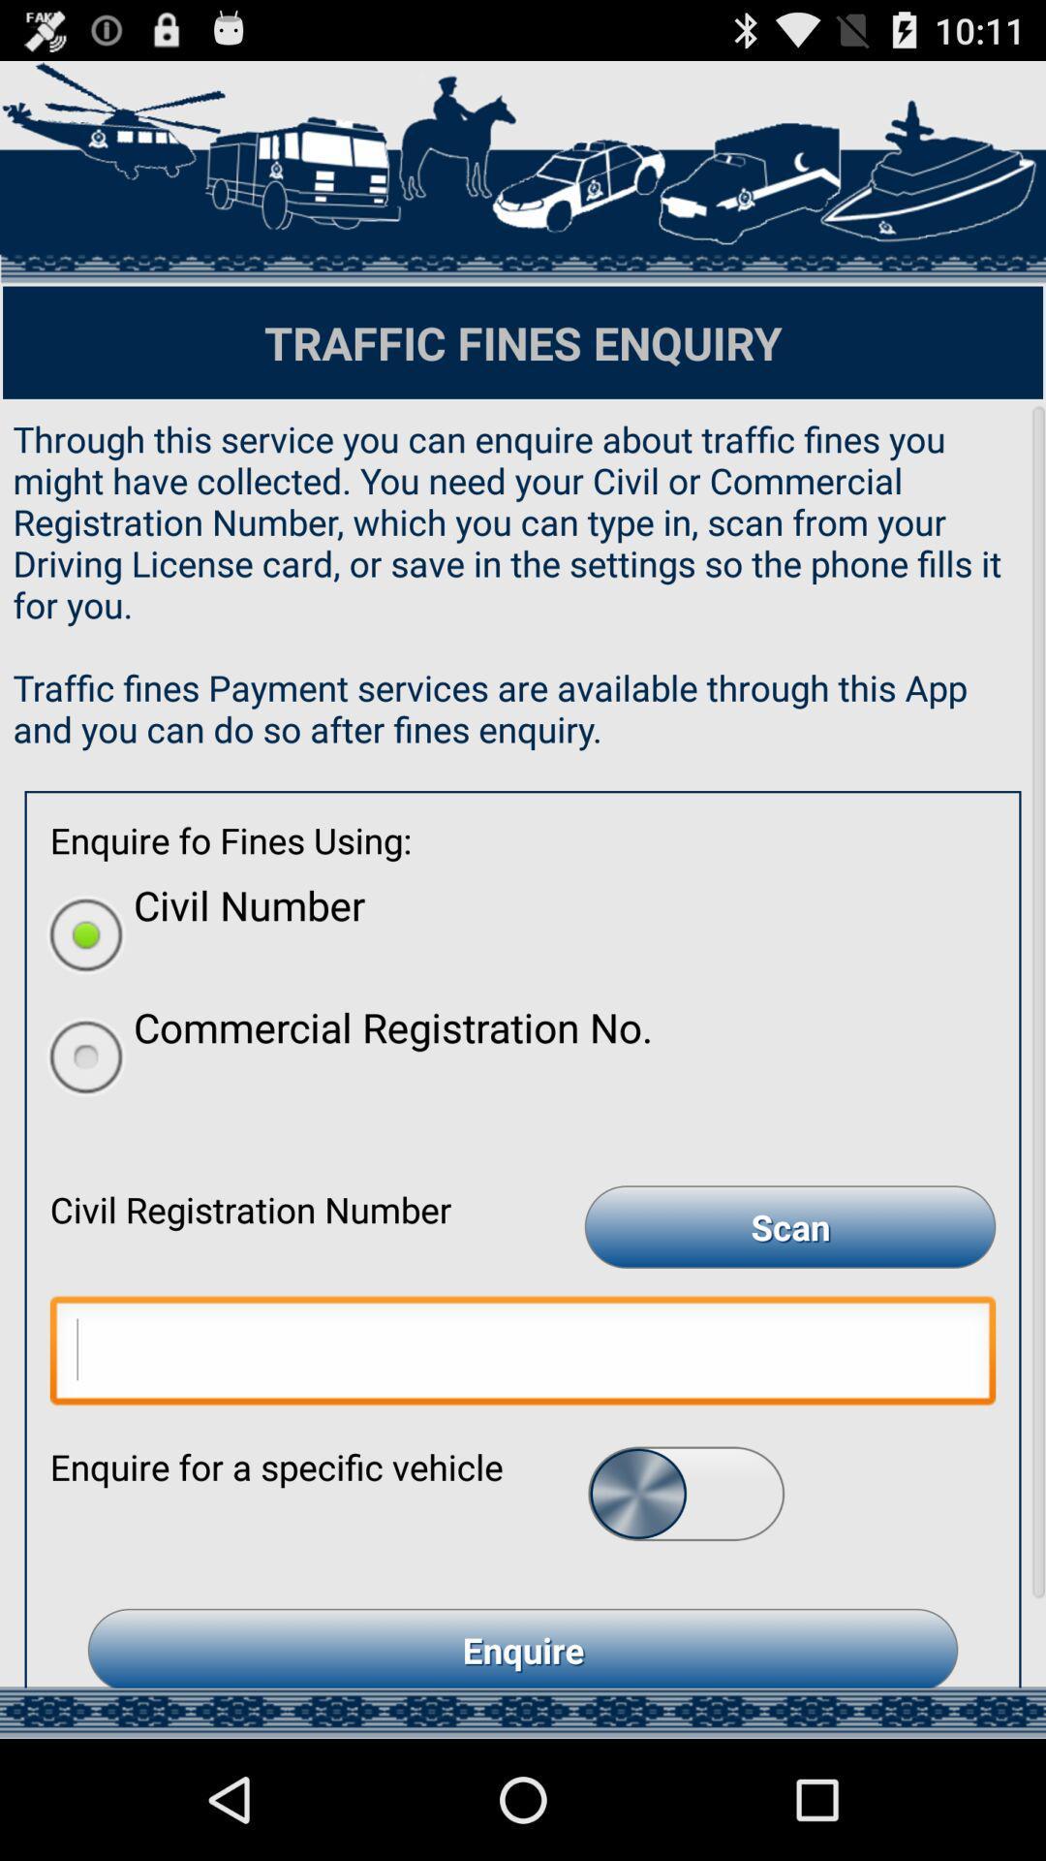 This screenshot has width=1046, height=1861. Describe the element at coordinates (523, 1354) in the screenshot. I see `input field` at that location.